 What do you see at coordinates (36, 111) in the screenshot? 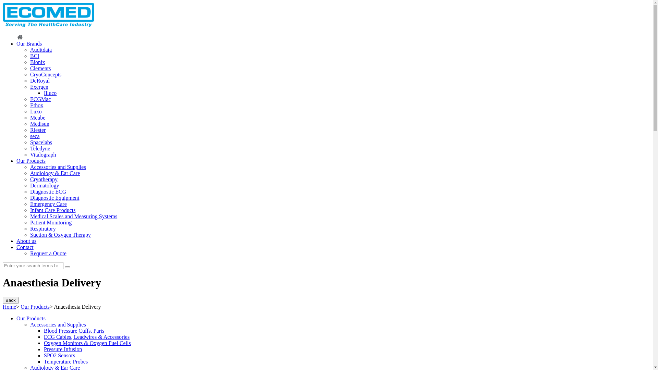
I see `'Luxo'` at bounding box center [36, 111].